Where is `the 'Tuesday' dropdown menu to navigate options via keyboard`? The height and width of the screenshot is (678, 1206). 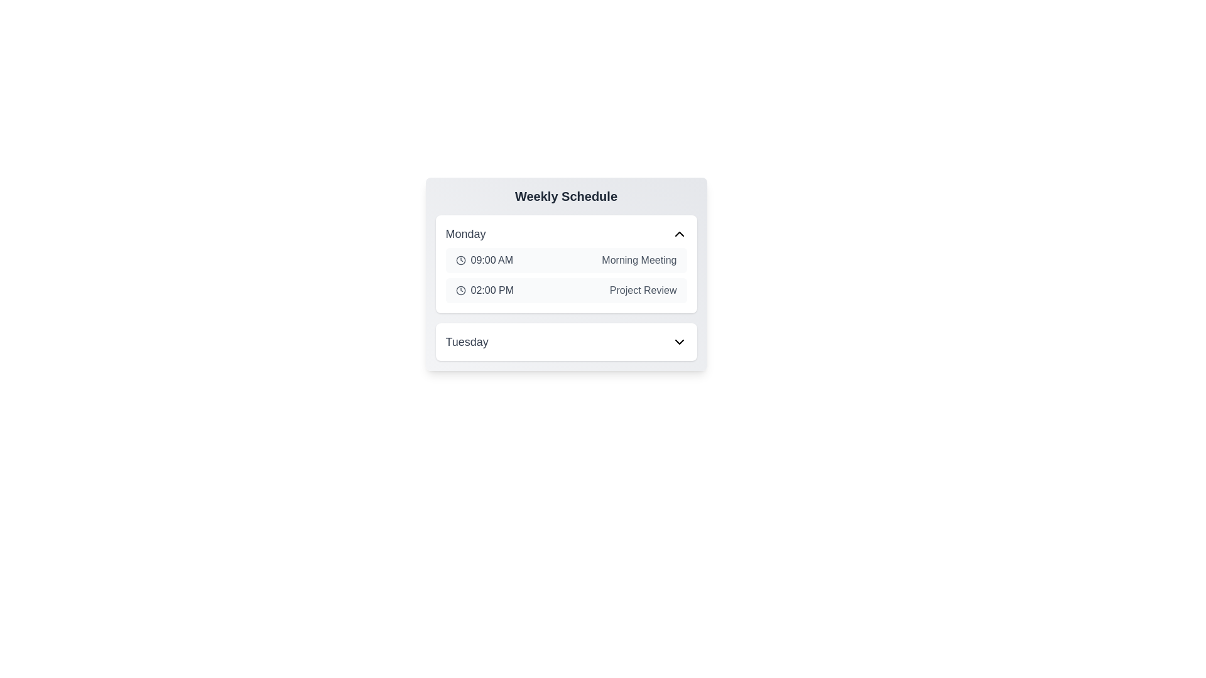
the 'Tuesday' dropdown menu to navigate options via keyboard is located at coordinates (565, 342).